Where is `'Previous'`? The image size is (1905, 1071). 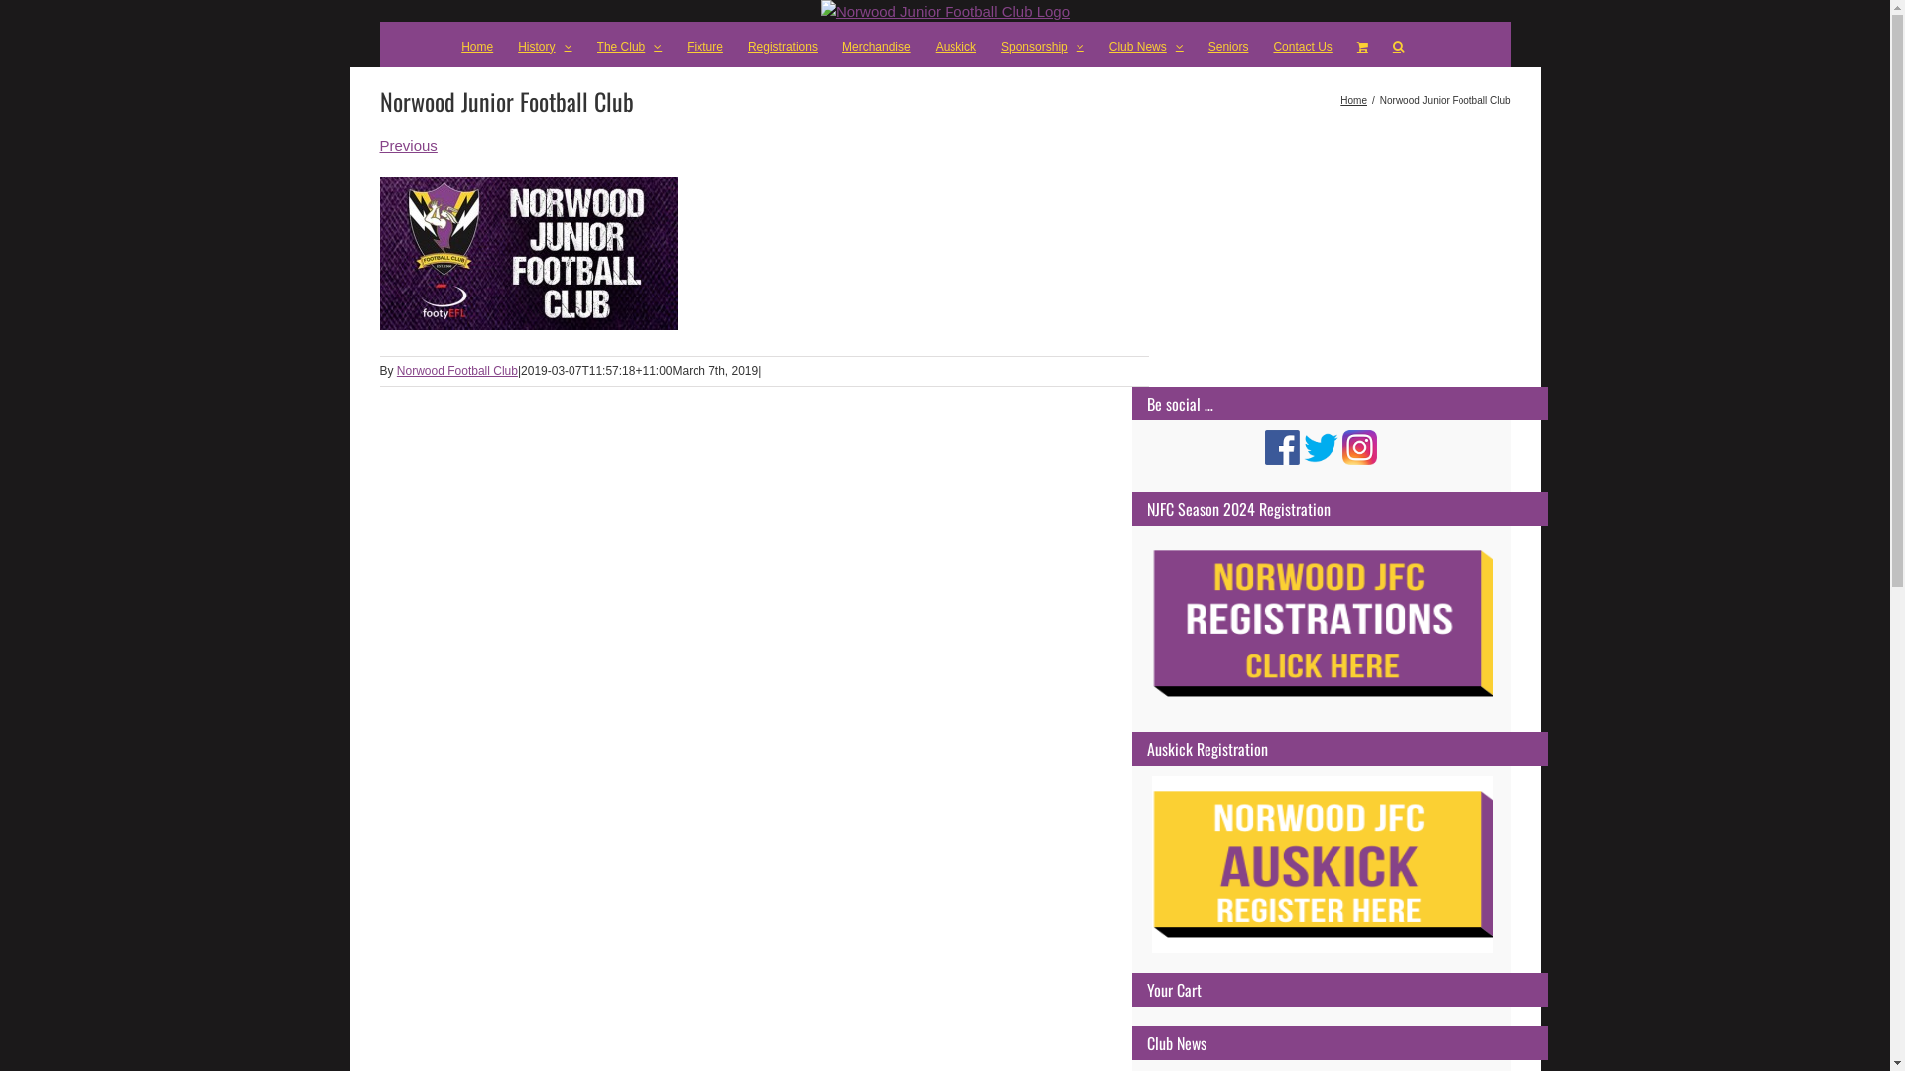
'Previous' is located at coordinates (379, 144).